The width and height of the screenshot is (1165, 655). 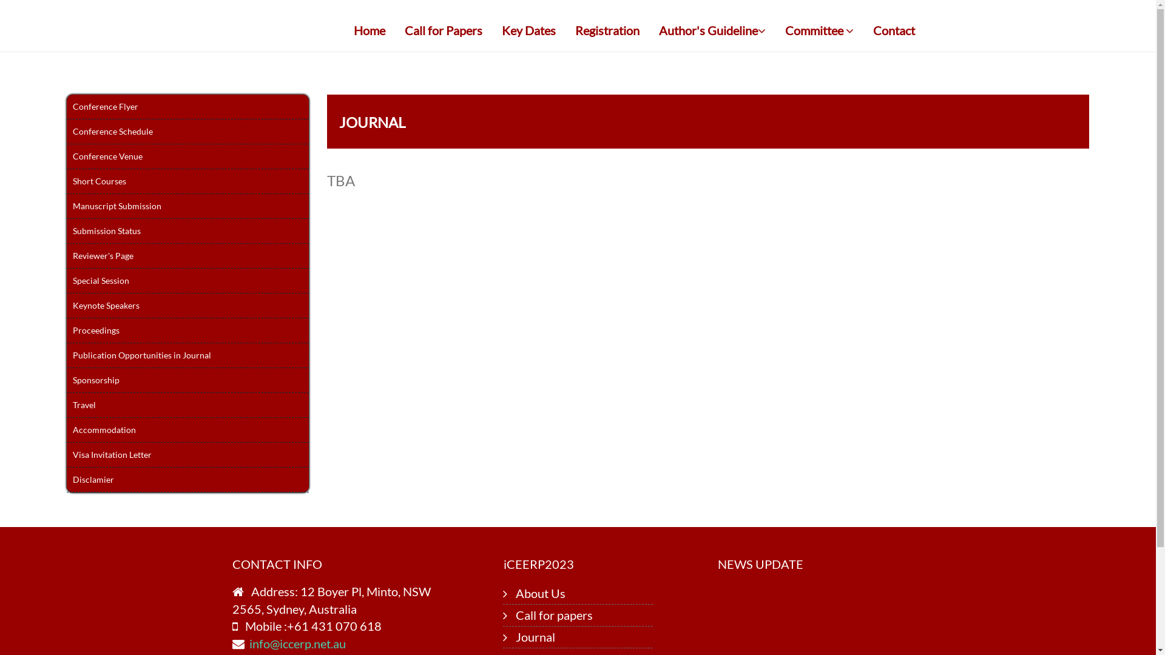 What do you see at coordinates (396, 30) in the screenshot?
I see `'Call for Papers'` at bounding box center [396, 30].